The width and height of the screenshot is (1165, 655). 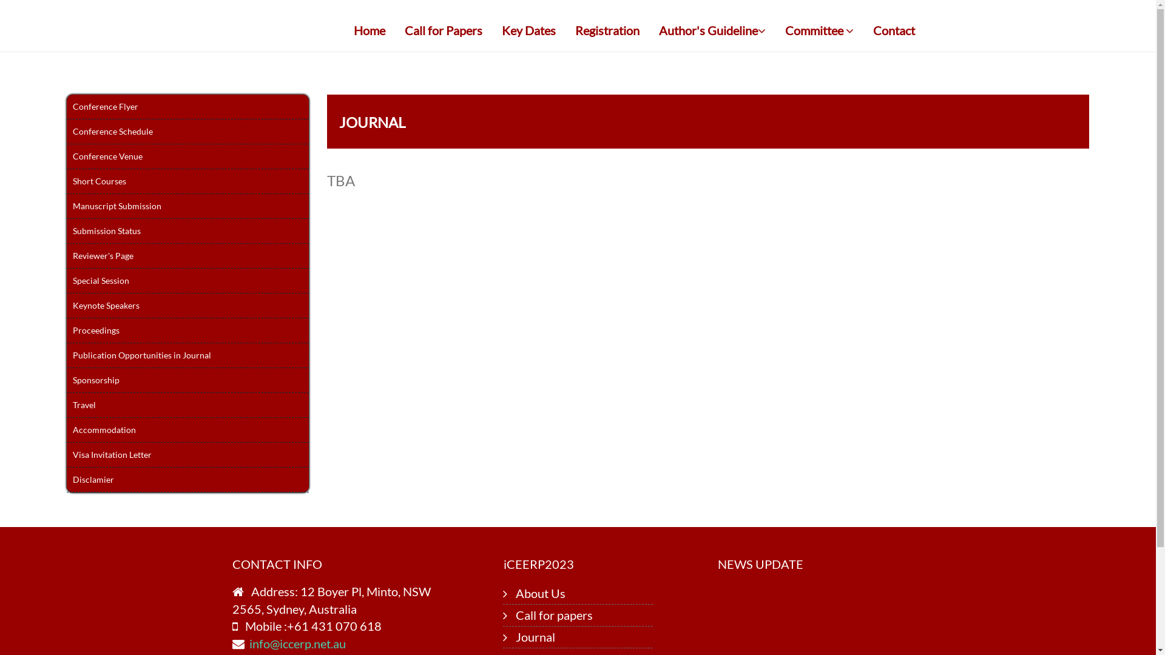 What do you see at coordinates (396, 30) in the screenshot?
I see `'Call for Papers'` at bounding box center [396, 30].